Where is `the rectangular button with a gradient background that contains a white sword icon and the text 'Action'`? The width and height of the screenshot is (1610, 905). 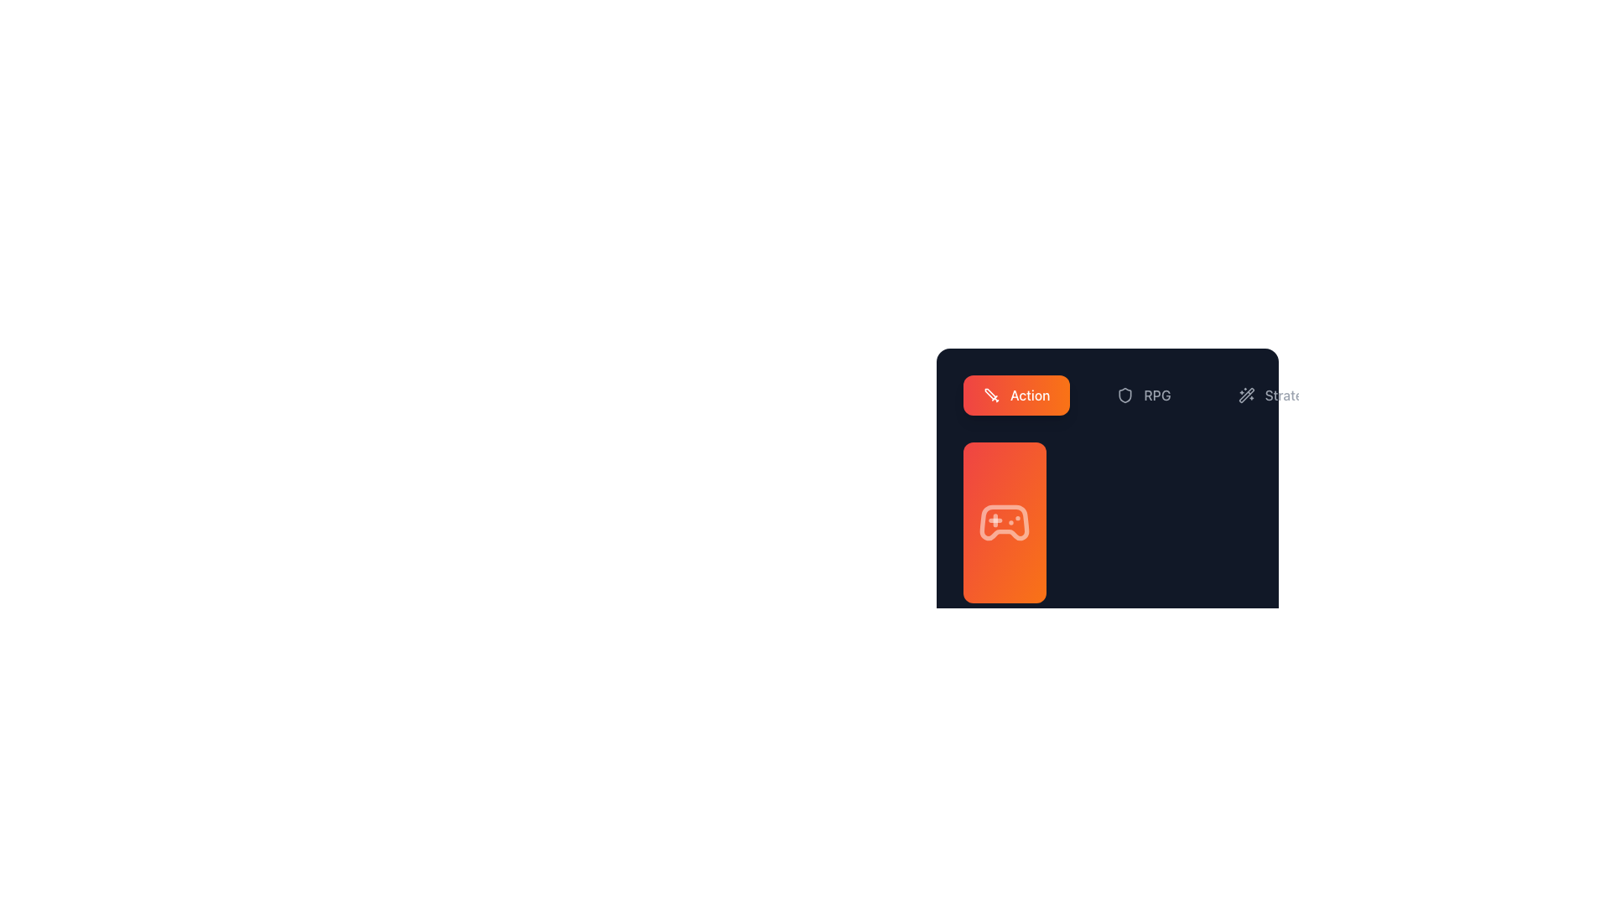 the rectangular button with a gradient background that contains a white sword icon and the text 'Action' is located at coordinates (1015, 395).